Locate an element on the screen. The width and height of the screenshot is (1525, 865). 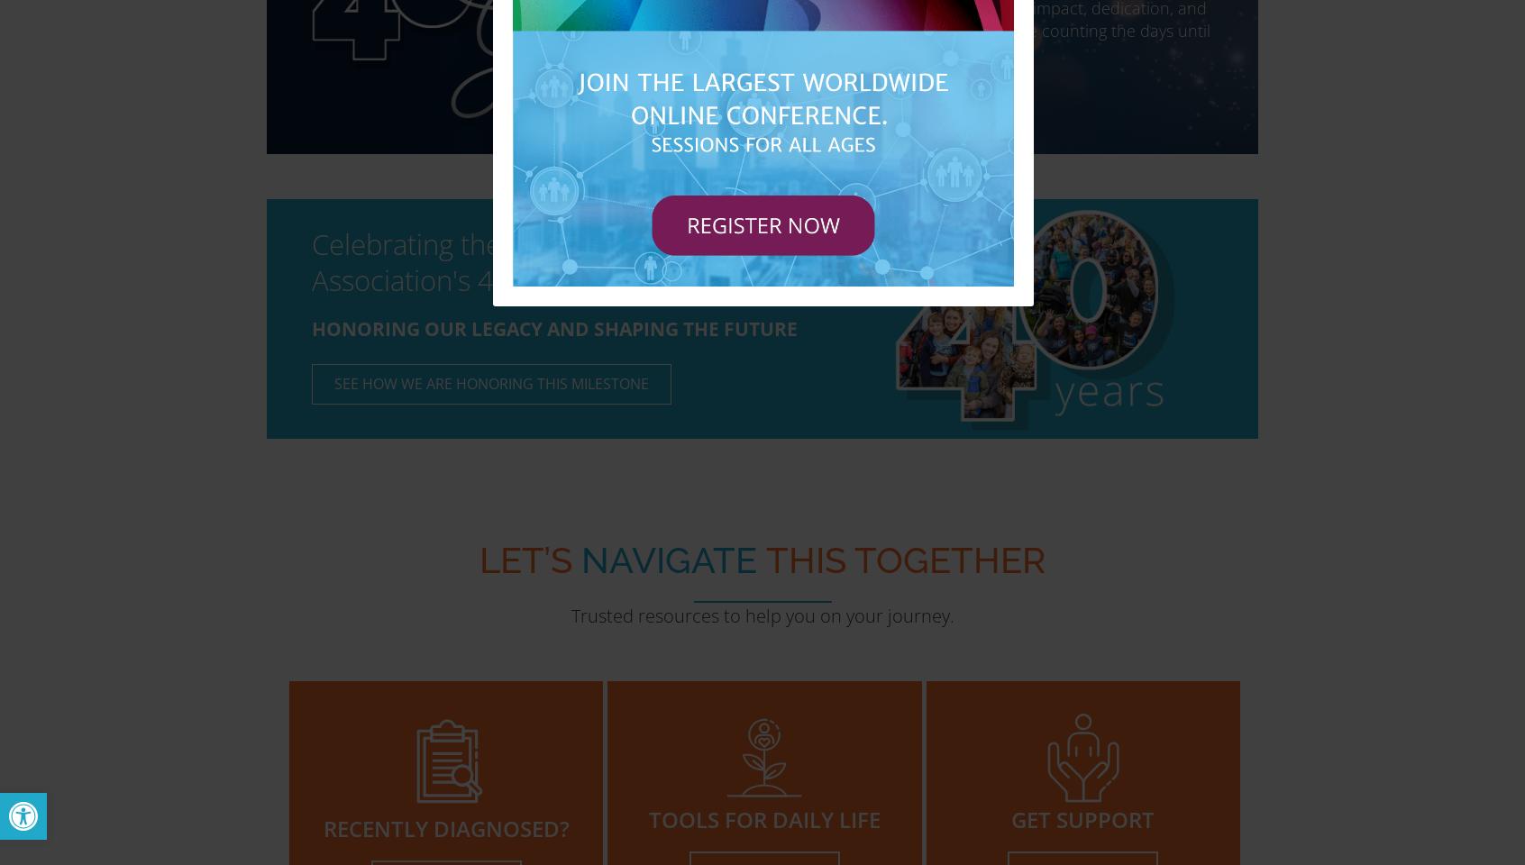
'VISIT THE GALA WEBSITE' is located at coordinates (796, 101).